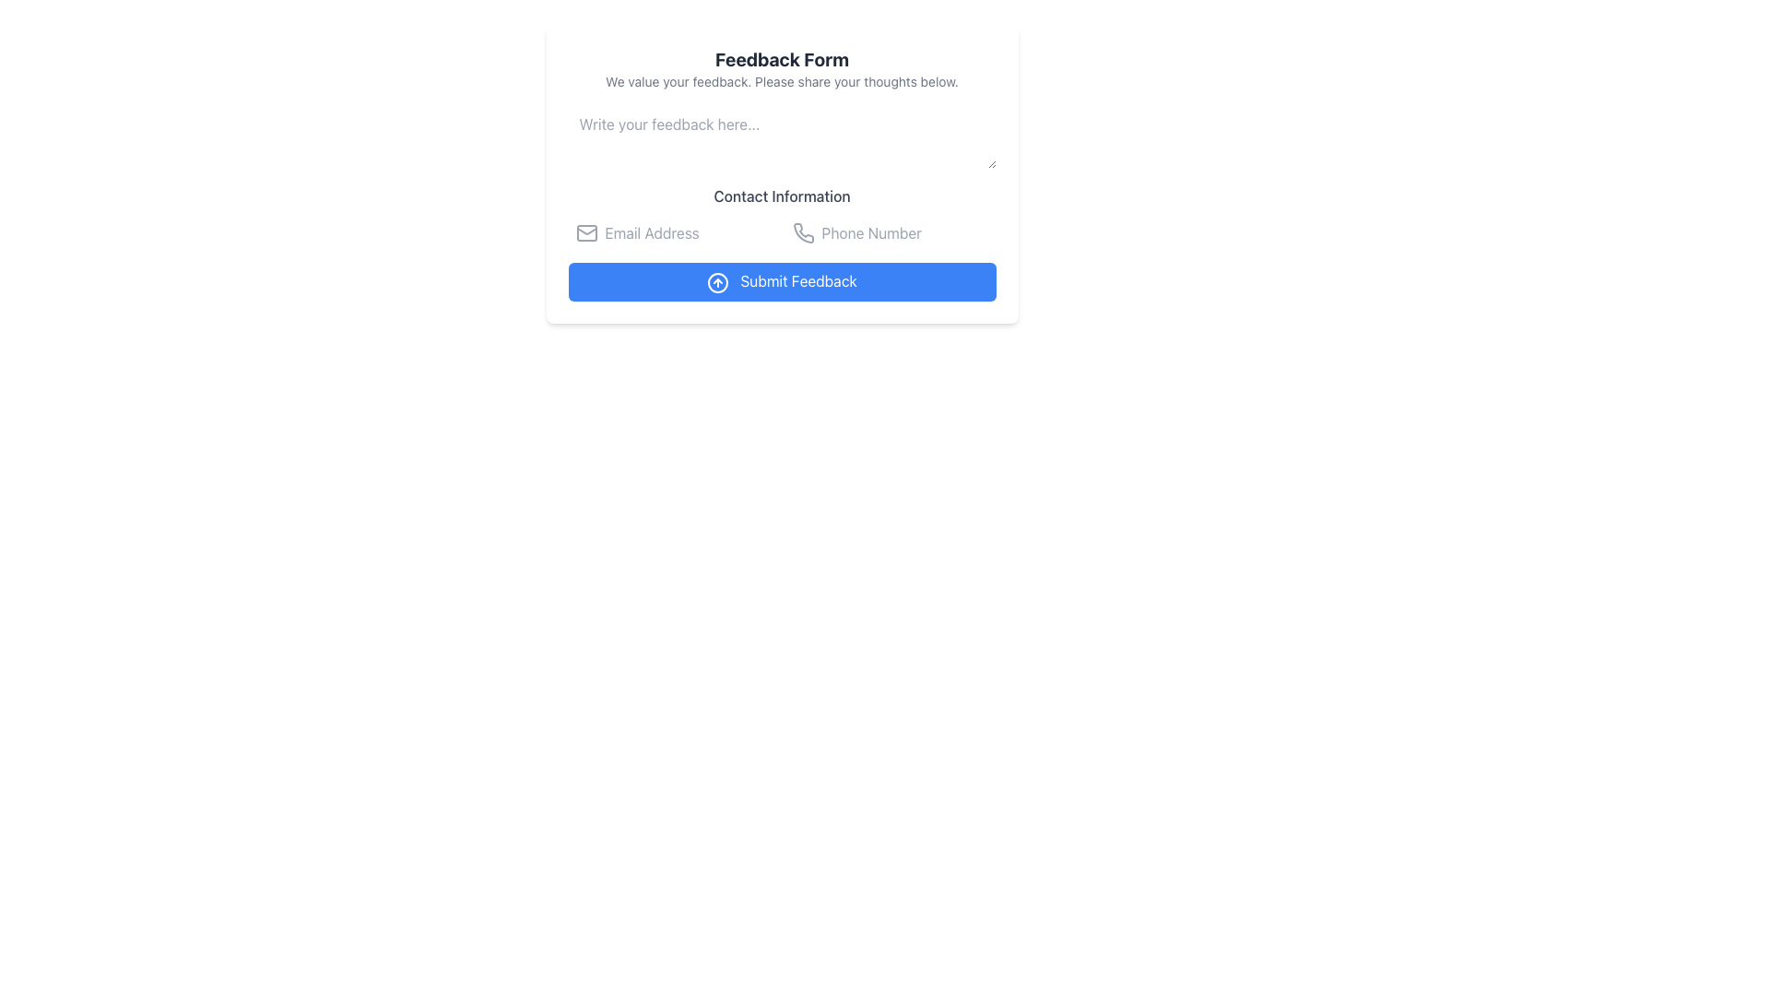  I want to click on the email icon in the 'Contact Information' section of the feedback form, located to the left of the email address input field, so click(585, 232).